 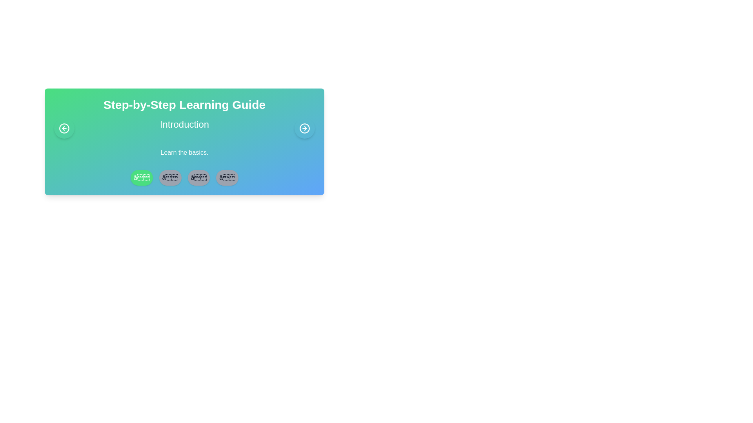 I want to click on the circular button that contains the left-facing arrow graphic, which indicates a 'go back' functionality, so click(x=63, y=128).